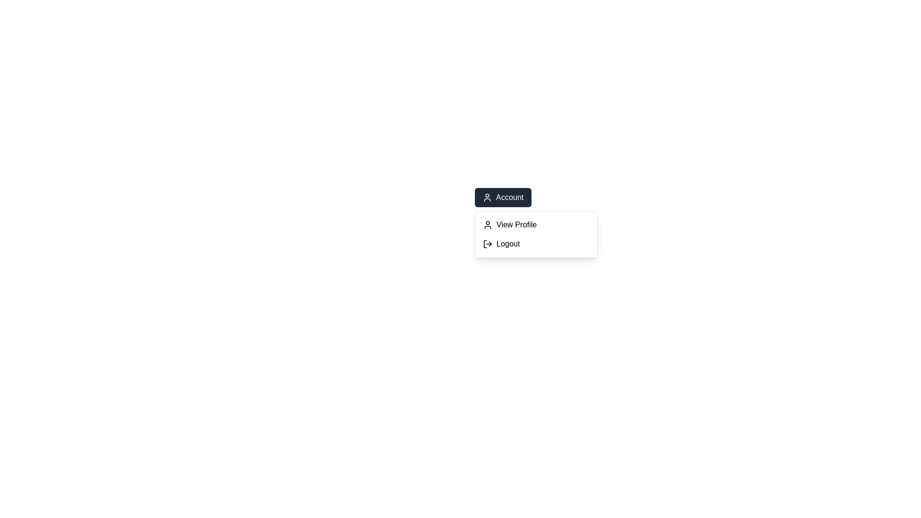  I want to click on the Navigation button labeled 'Account', so click(536, 197).